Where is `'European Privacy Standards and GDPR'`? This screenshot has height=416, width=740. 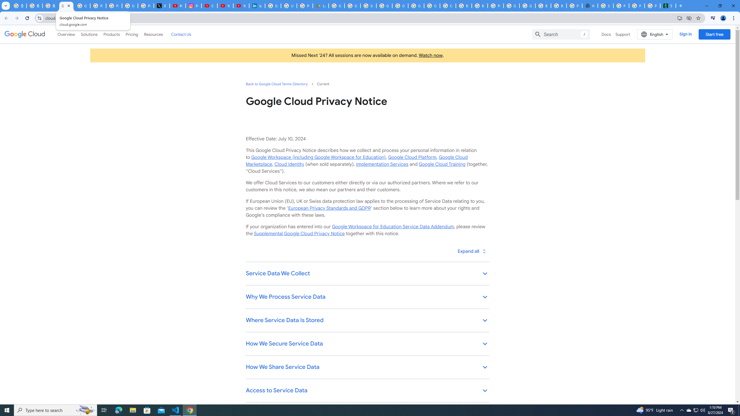 'European Privacy Standards and GDPR' is located at coordinates (329, 208).